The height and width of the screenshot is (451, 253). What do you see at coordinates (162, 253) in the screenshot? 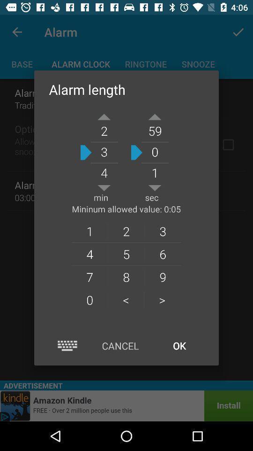
I see `6` at bounding box center [162, 253].